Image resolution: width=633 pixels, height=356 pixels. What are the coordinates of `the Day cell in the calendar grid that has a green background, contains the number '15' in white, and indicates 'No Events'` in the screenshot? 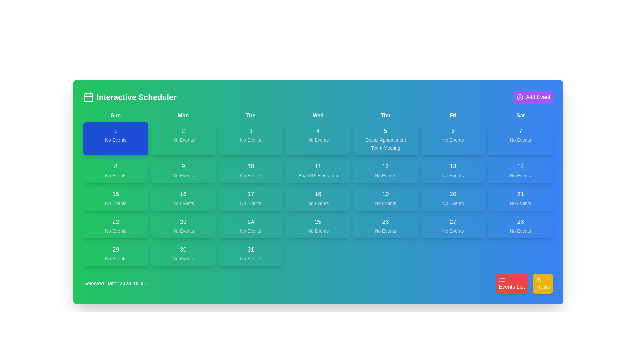 It's located at (116, 198).